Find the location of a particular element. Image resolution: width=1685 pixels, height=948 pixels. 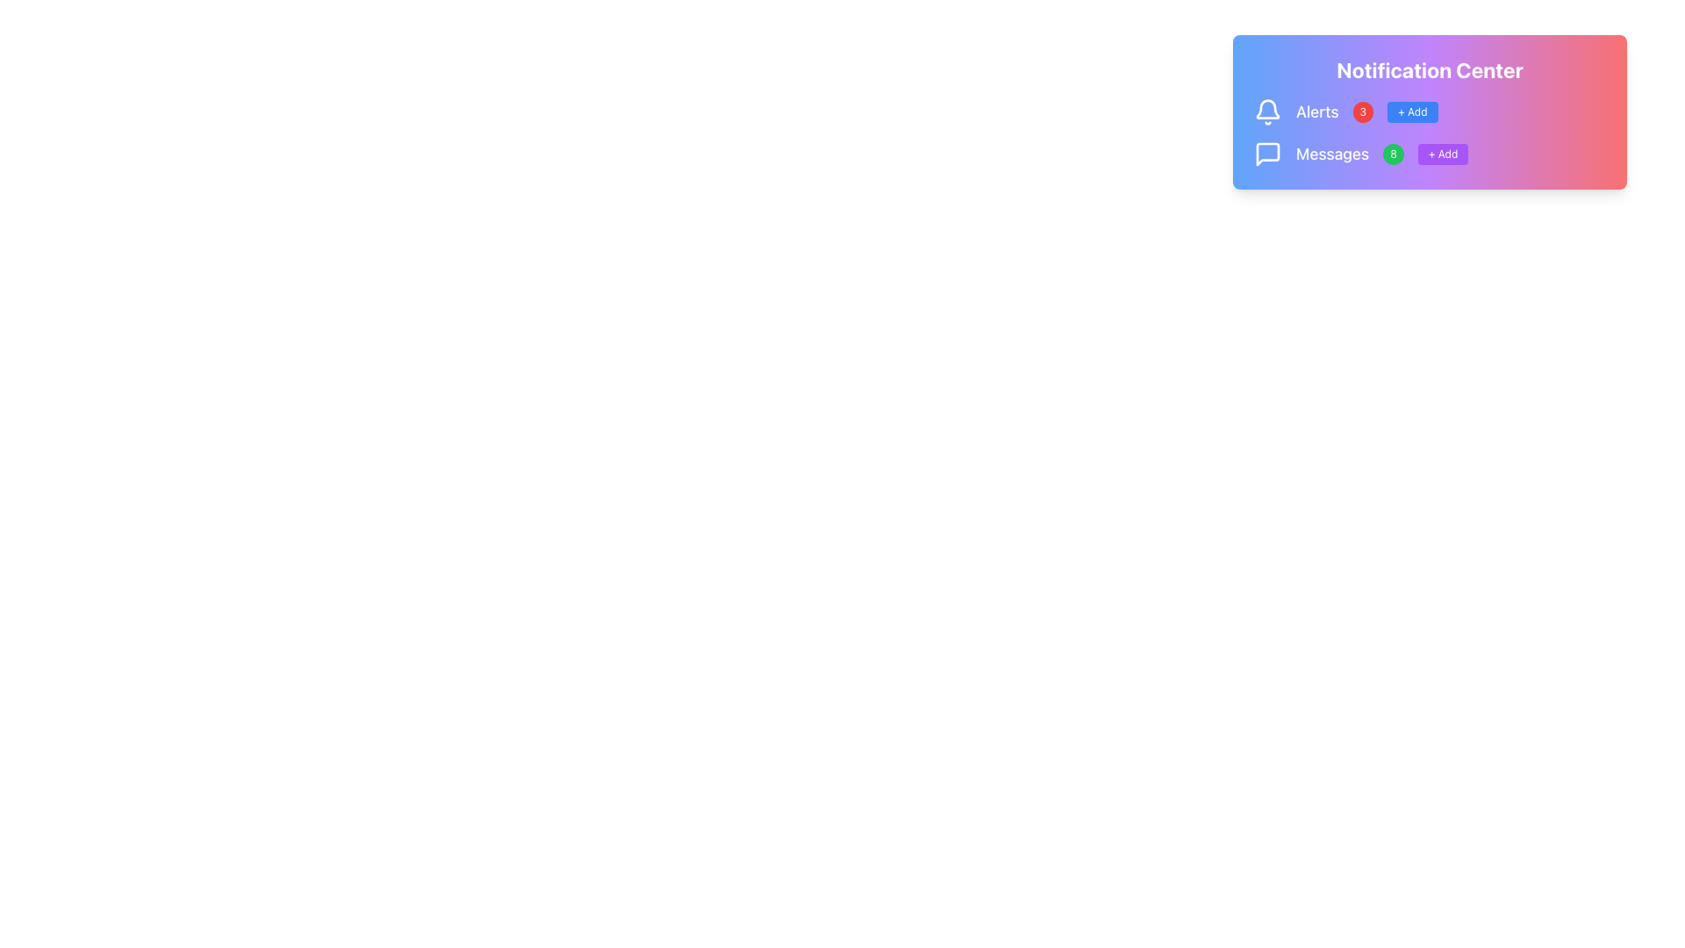

the 'Add Alerts' button located in the top row of the notification panel under the header 'Notification Center' is located at coordinates (1412, 111).